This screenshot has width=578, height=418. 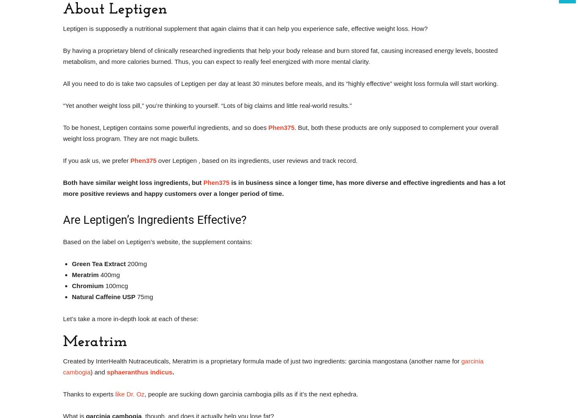 What do you see at coordinates (172, 371) in the screenshot?
I see `'.'` at bounding box center [172, 371].